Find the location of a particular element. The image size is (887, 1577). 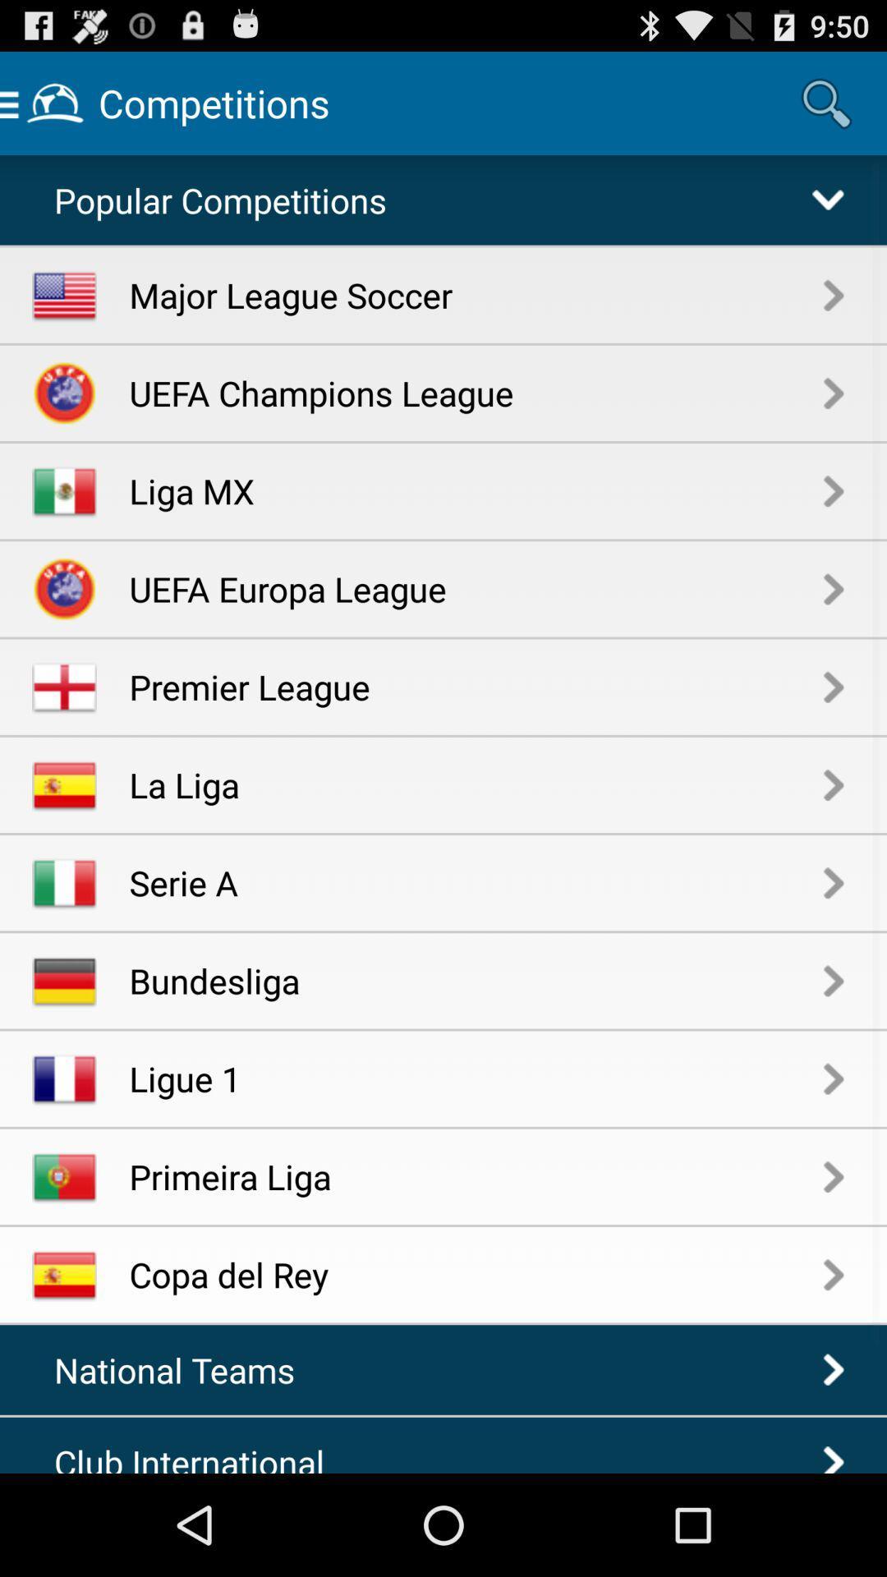

bundesliga is located at coordinates (476, 981).